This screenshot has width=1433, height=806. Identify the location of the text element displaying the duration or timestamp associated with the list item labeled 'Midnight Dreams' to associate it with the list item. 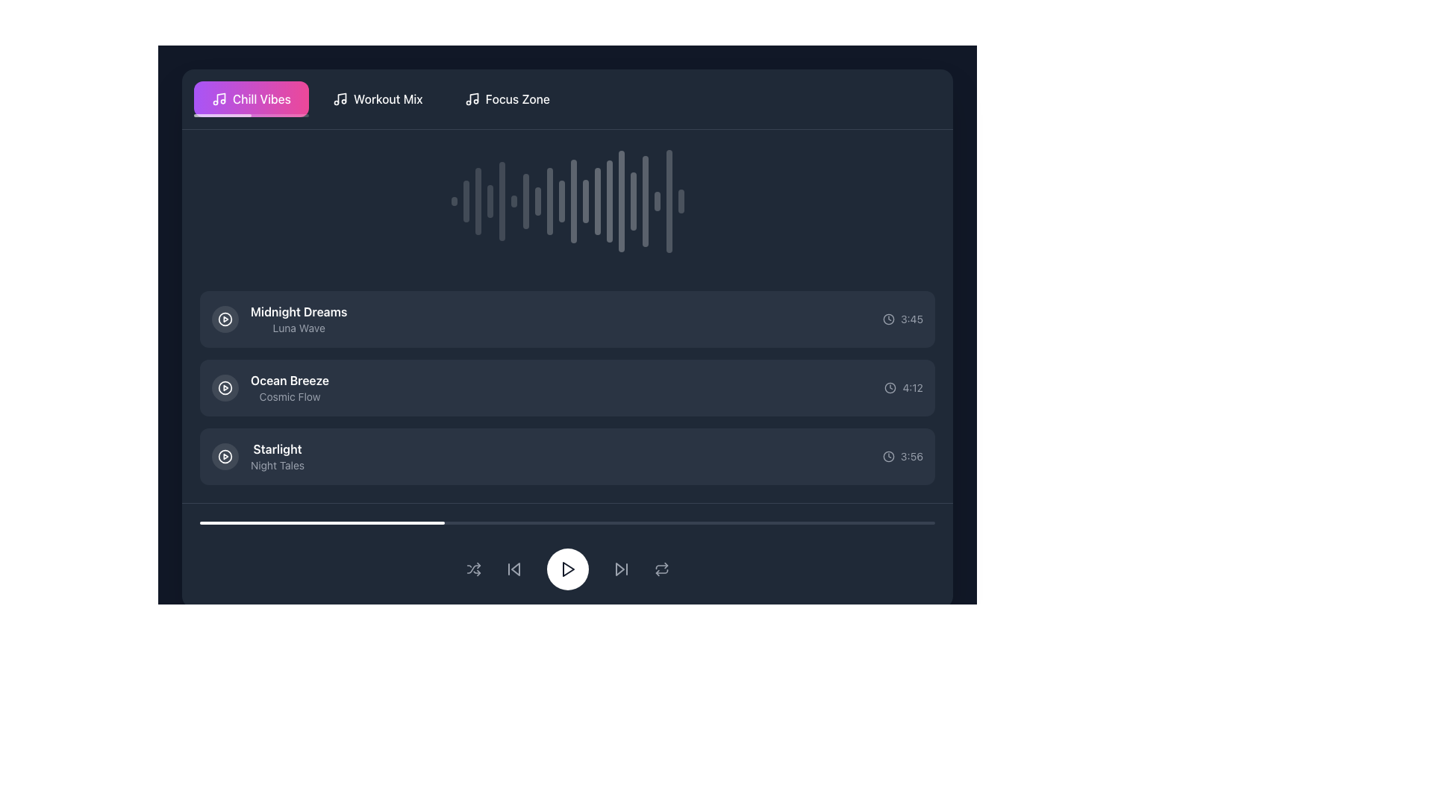
(902, 319).